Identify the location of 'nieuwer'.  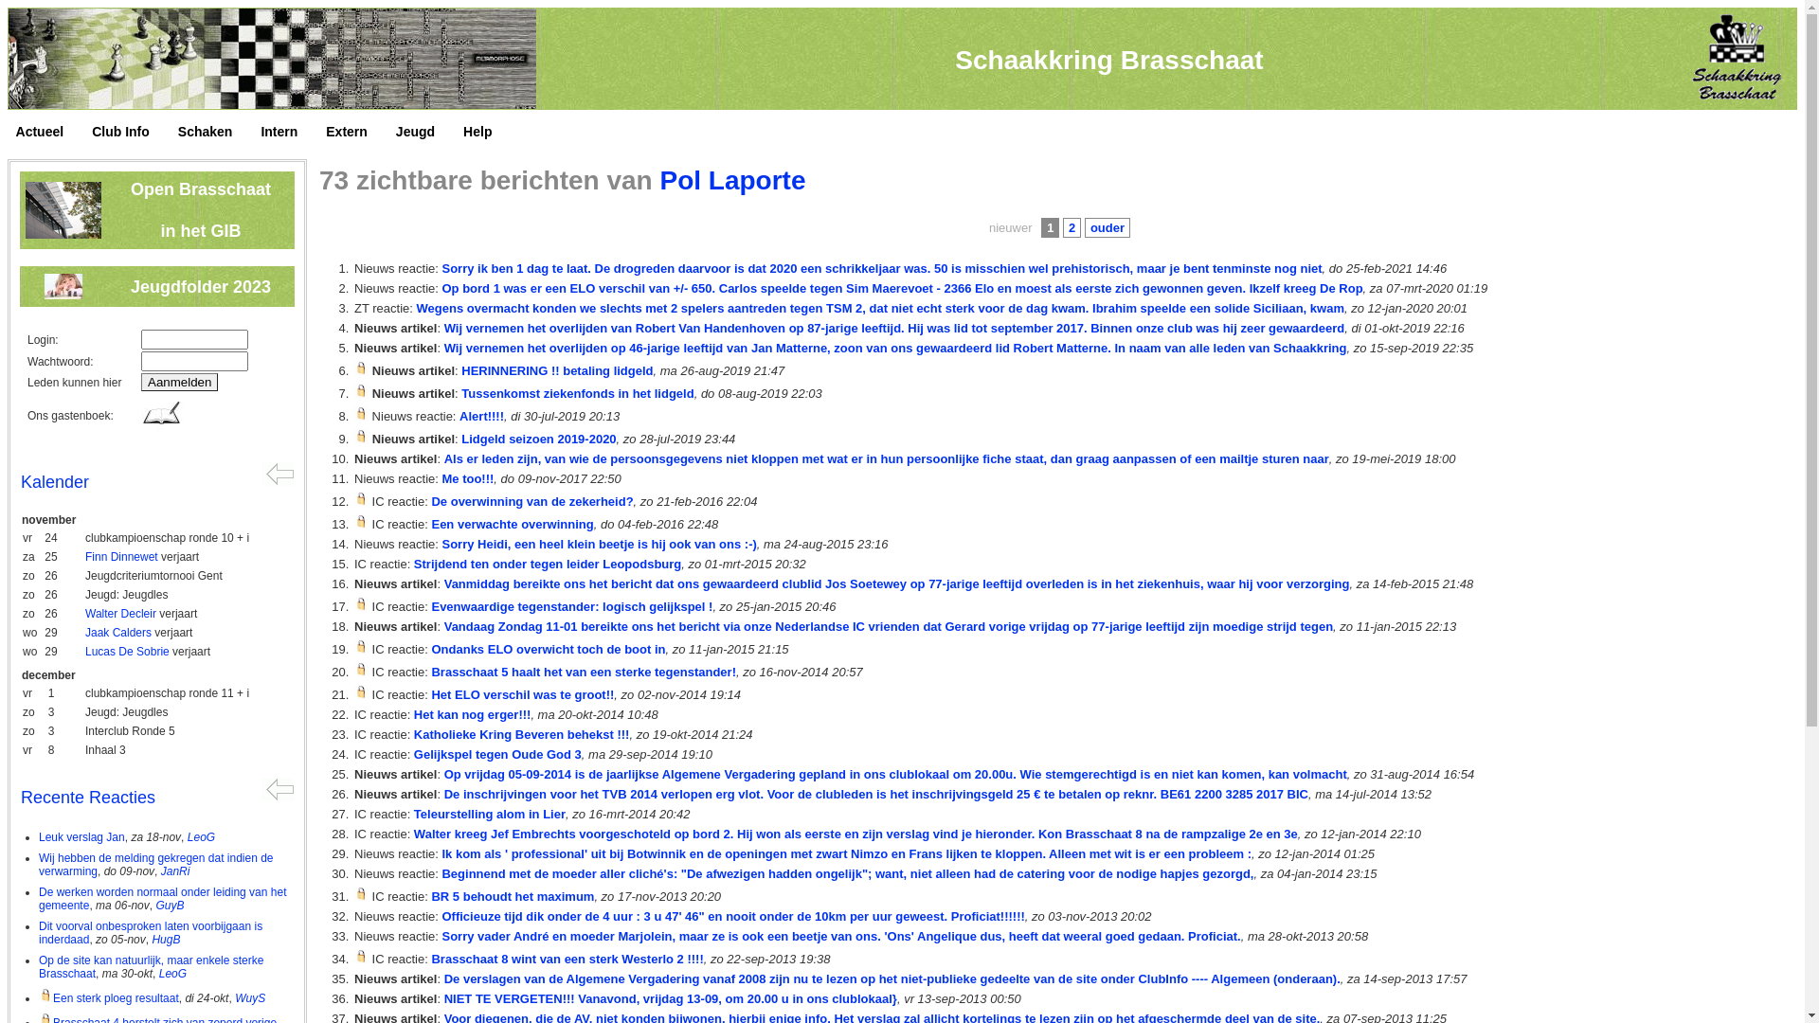
(1009, 226).